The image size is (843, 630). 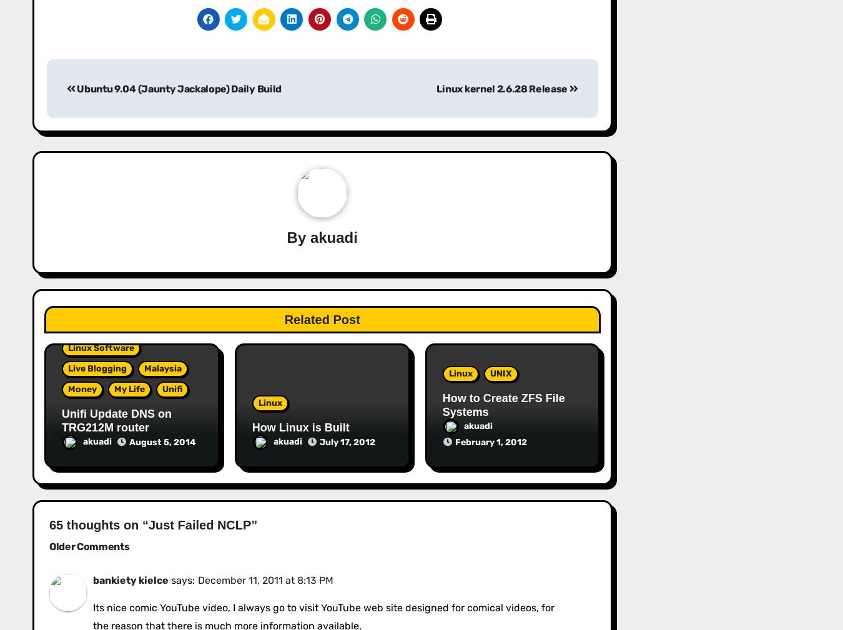 What do you see at coordinates (686, 341) in the screenshot?
I see `'Artificial Intelligent'` at bounding box center [686, 341].